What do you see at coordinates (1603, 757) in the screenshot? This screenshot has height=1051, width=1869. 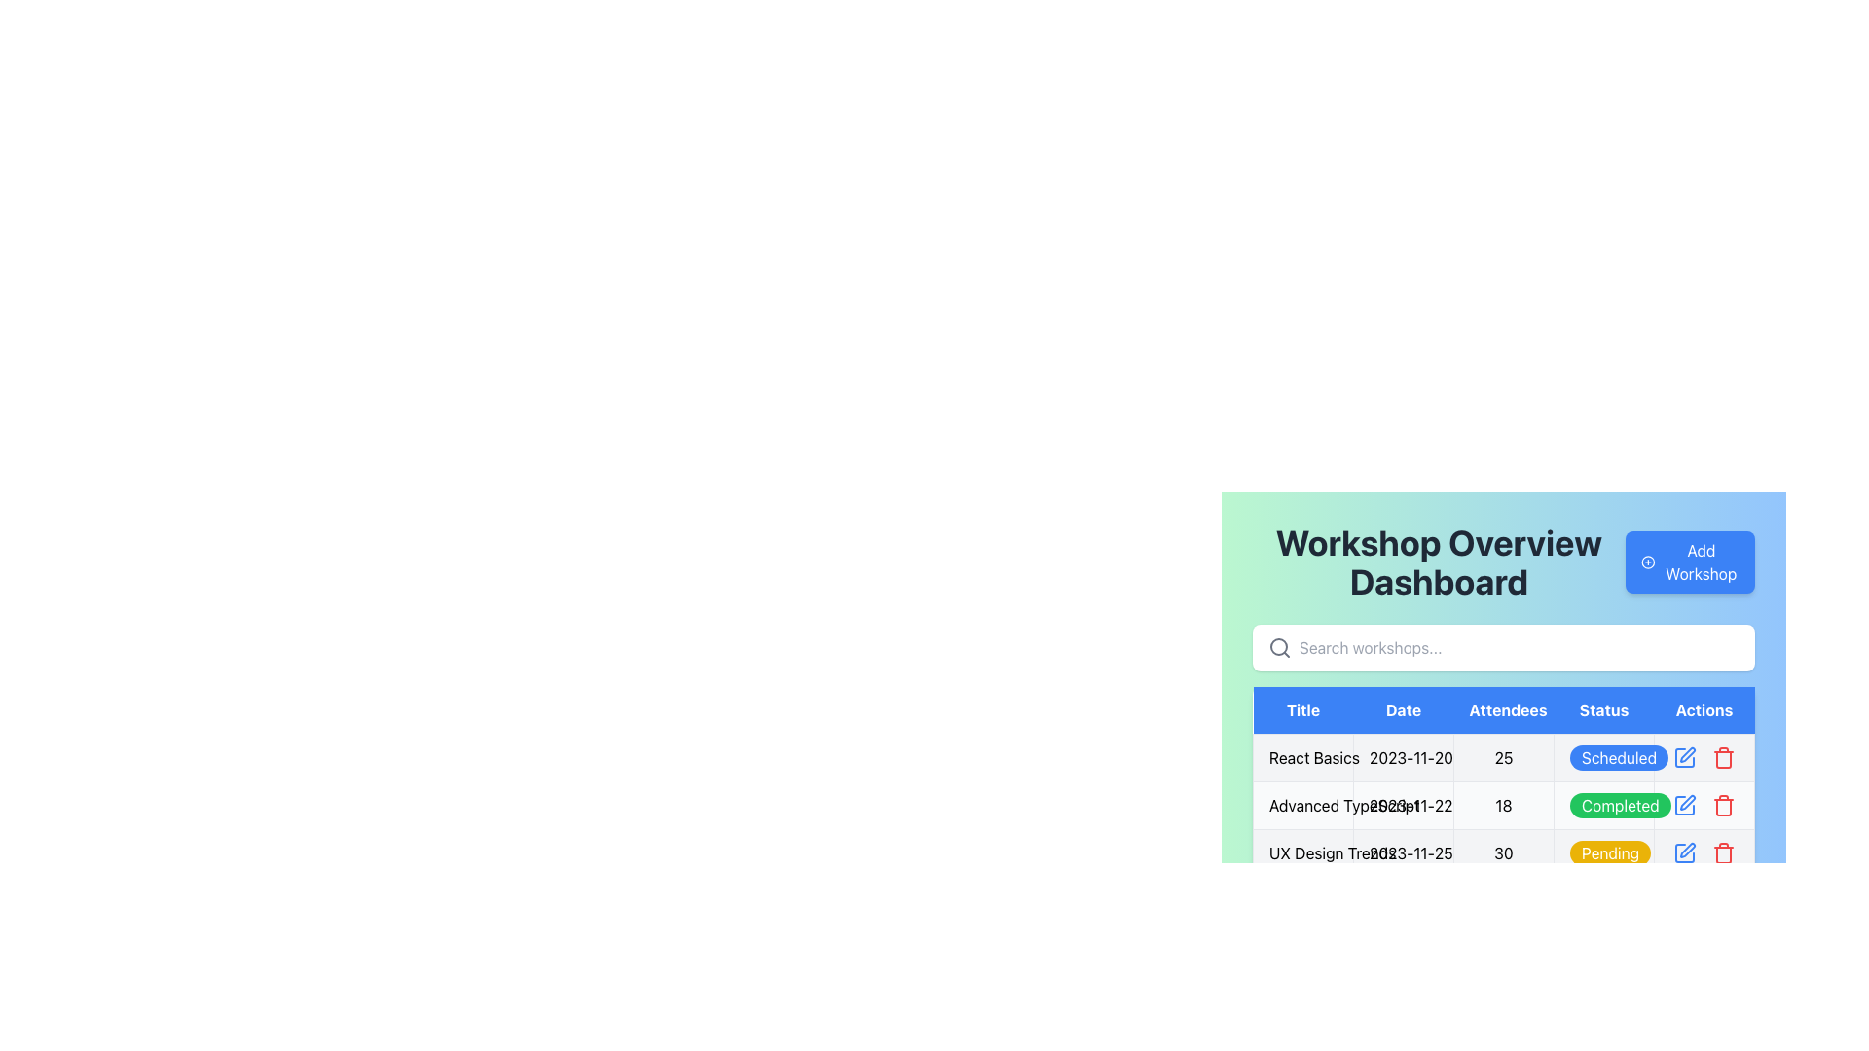 I see `the pill-shaped button labeled 'Scheduled' in the 'Status' column of the first row in the 'Workshop Overview Dashboard'` at bounding box center [1603, 757].